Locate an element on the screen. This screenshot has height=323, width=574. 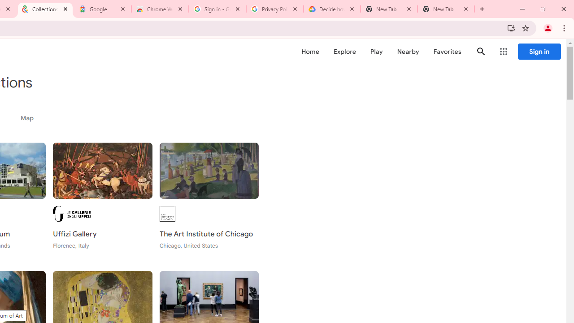
'Uffizi Gallery Florence, Italy' is located at coordinates (103, 201).